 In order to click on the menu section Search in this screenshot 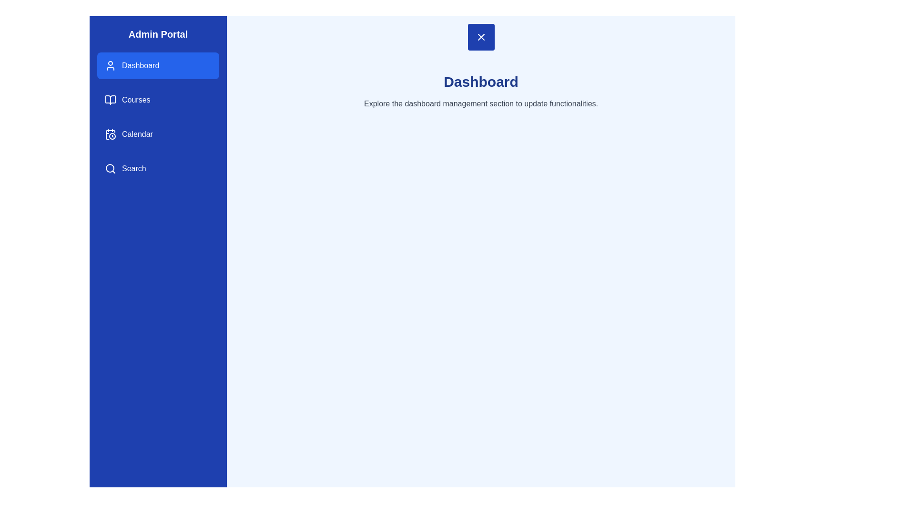, I will do `click(158, 168)`.